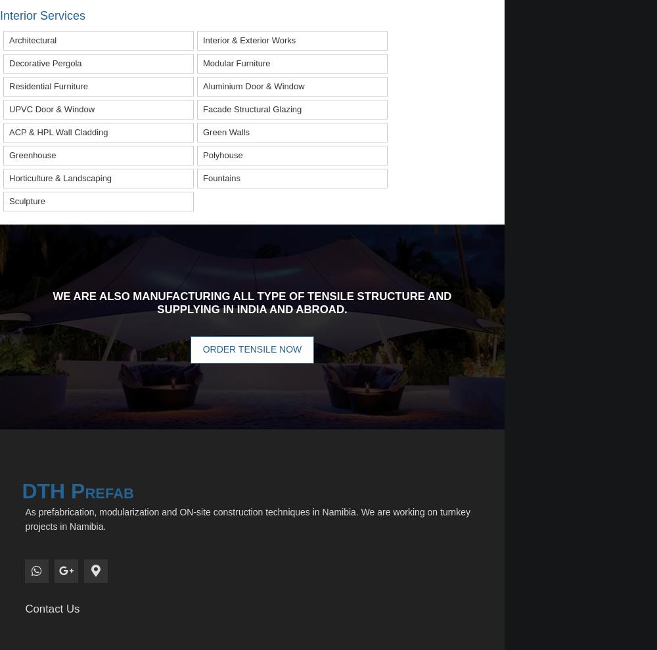 This screenshot has width=657, height=650. What do you see at coordinates (42, 14) in the screenshot?
I see `'Interior Services'` at bounding box center [42, 14].